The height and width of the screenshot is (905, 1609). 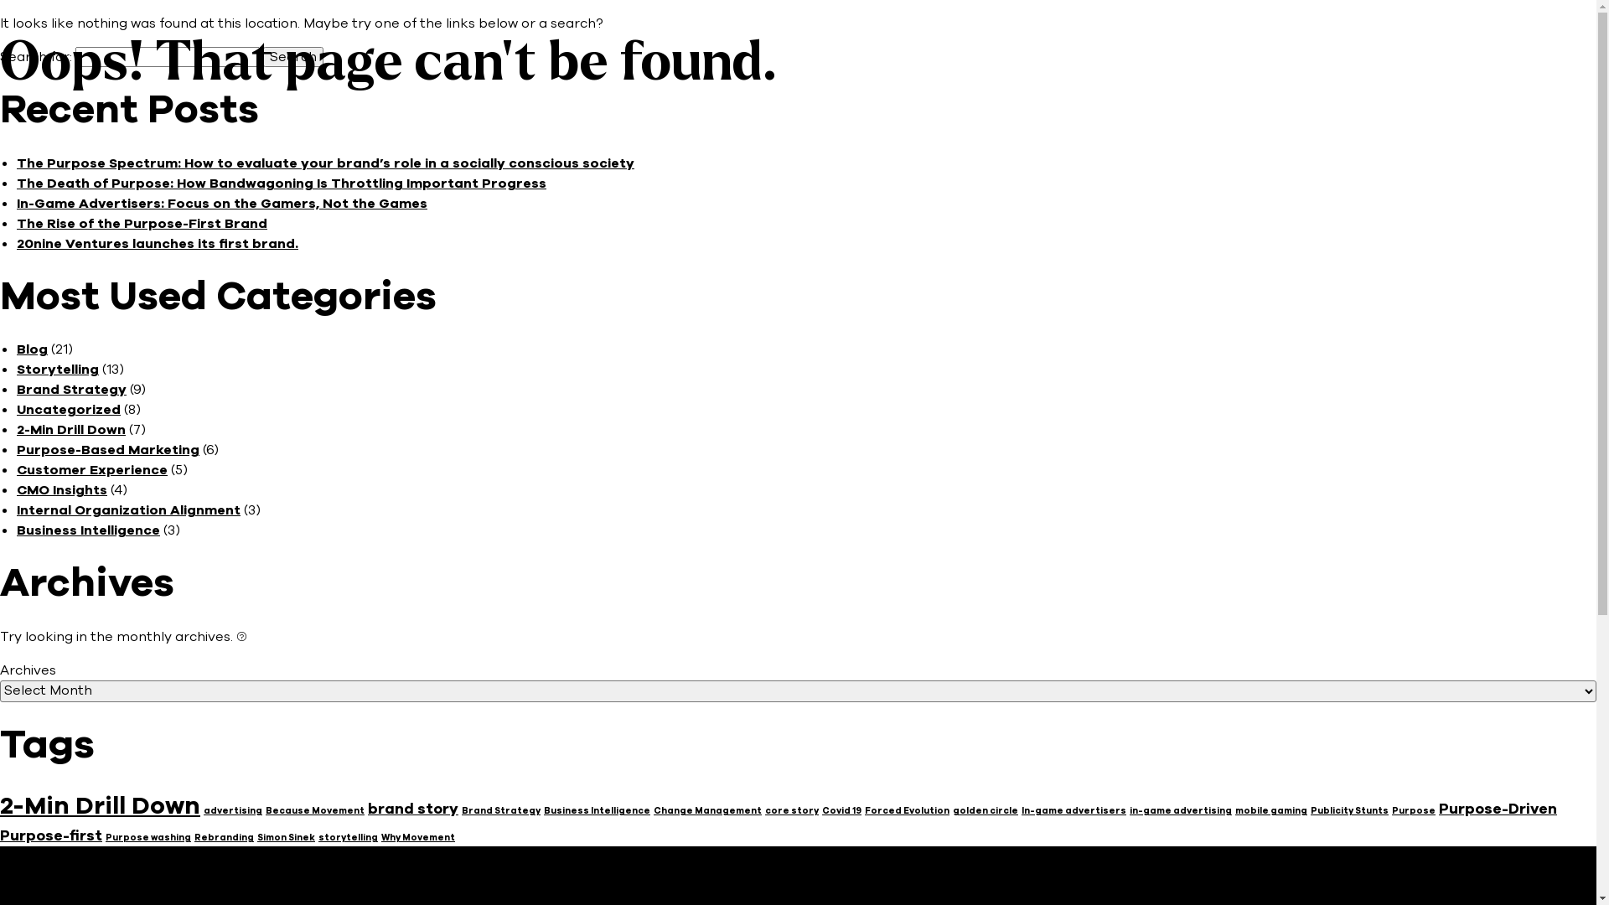 I want to click on 'in-game advertising', so click(x=1130, y=809).